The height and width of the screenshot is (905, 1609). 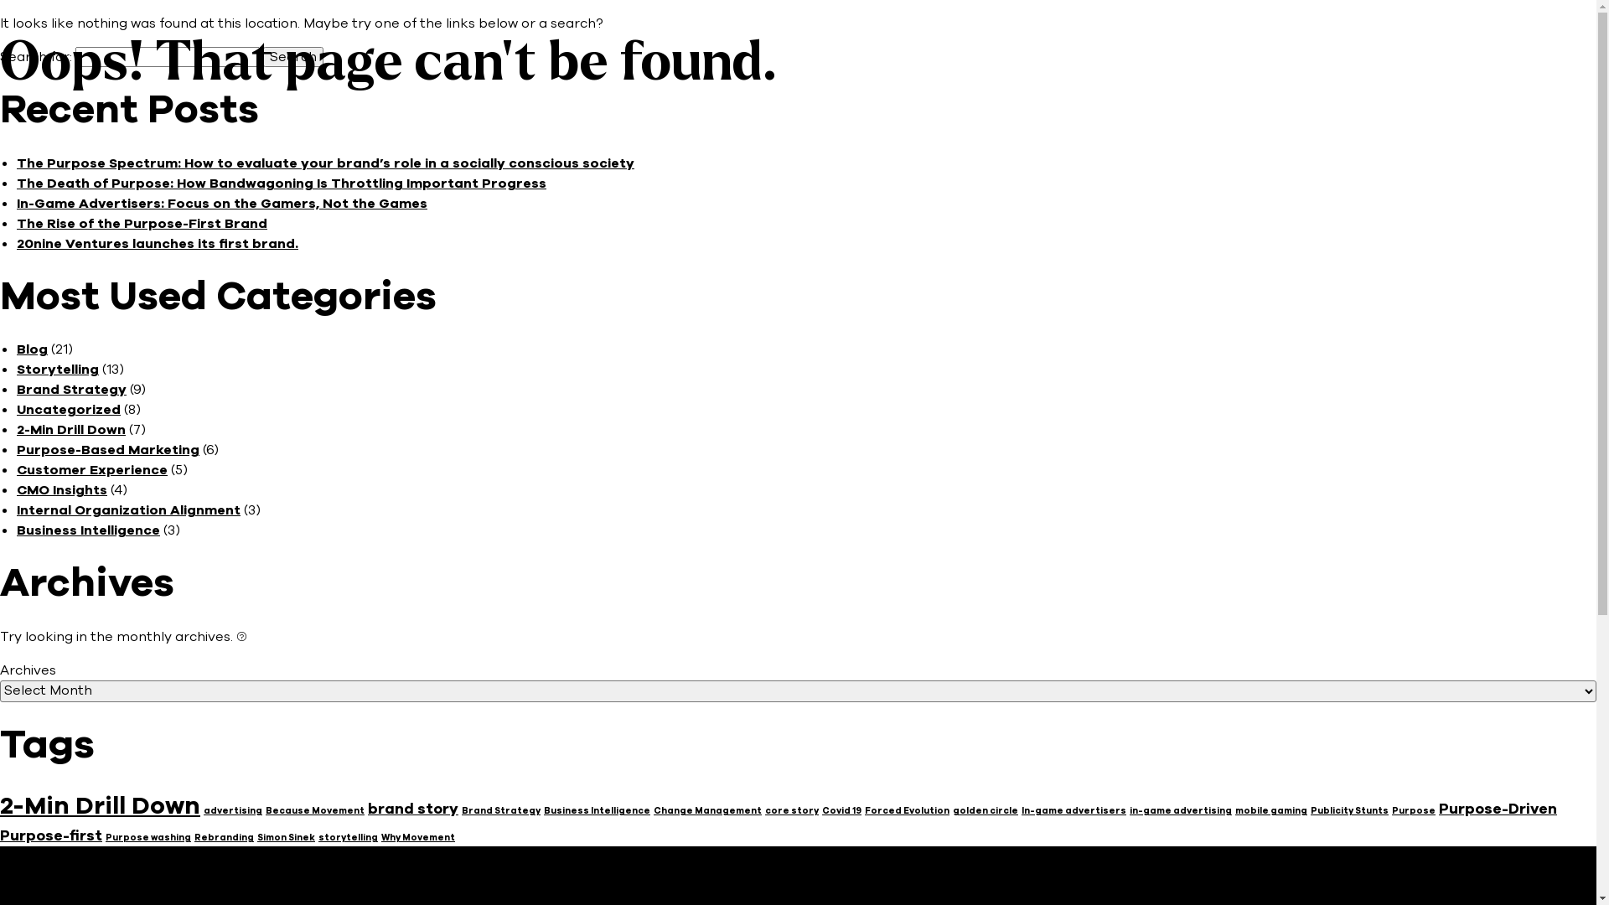 I want to click on 'in-game advertising', so click(x=1130, y=809).